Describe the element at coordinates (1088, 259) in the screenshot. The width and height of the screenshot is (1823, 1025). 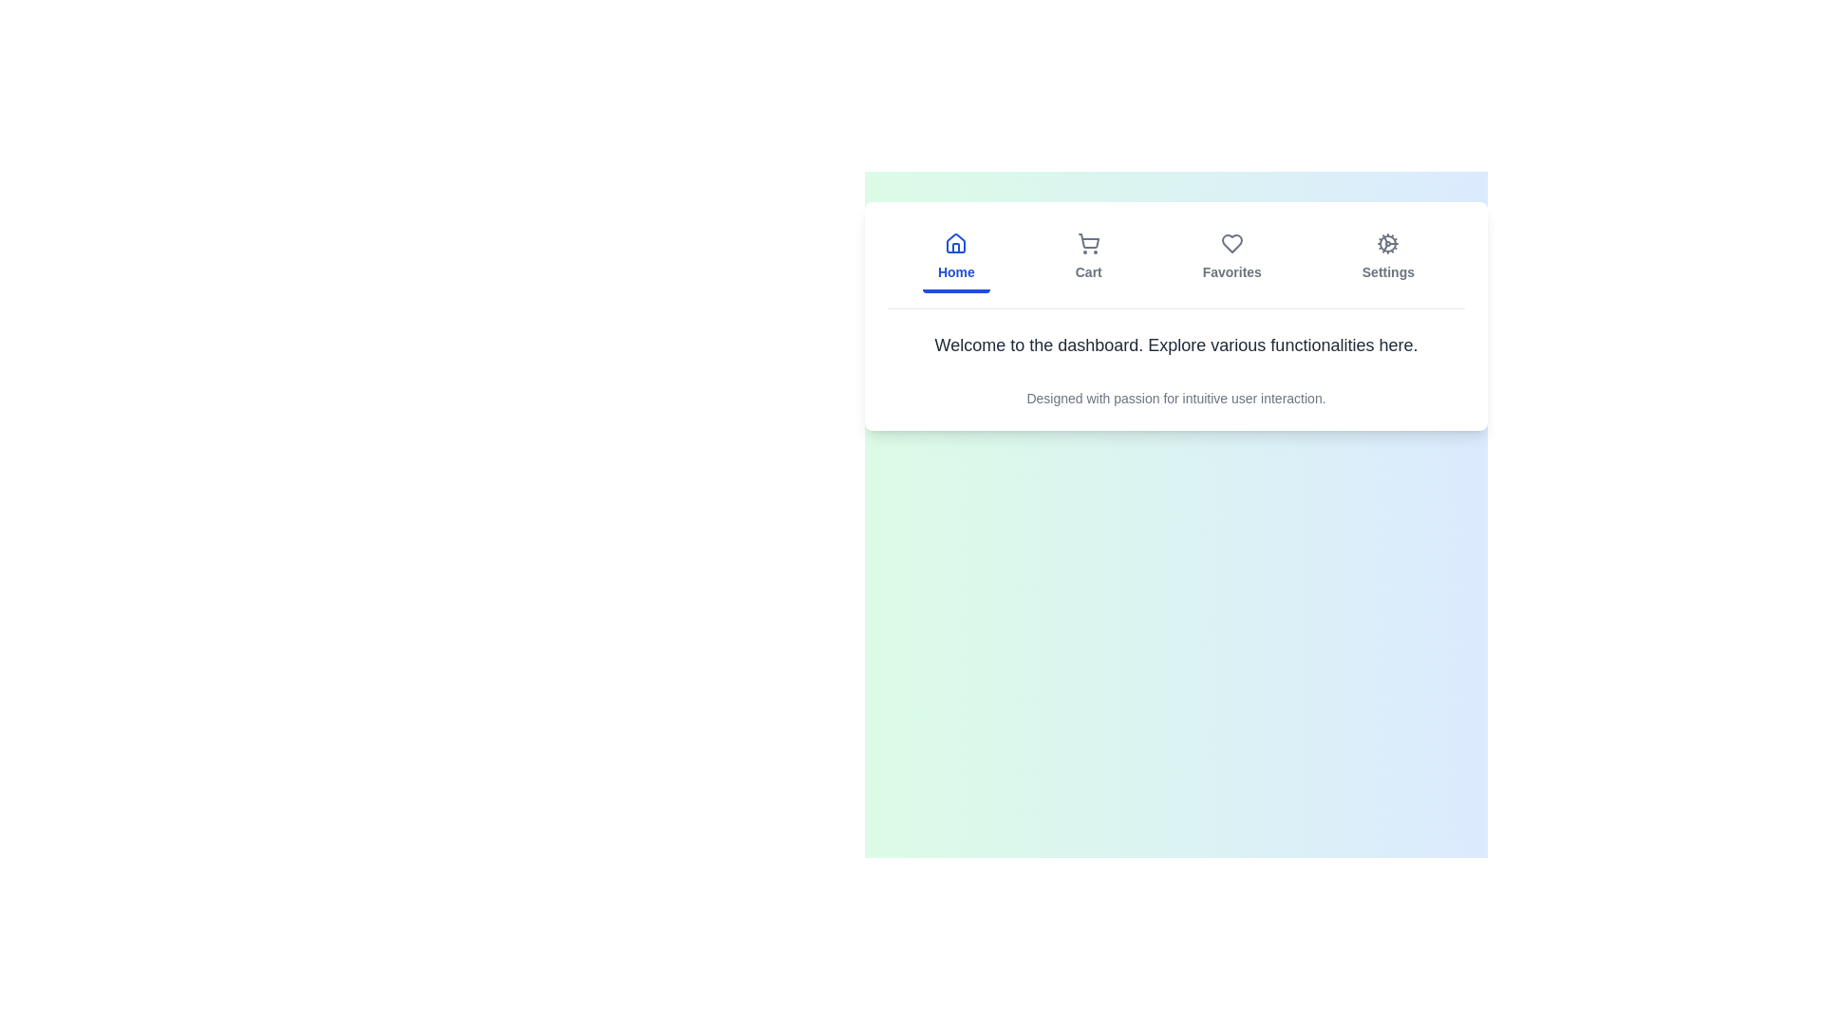
I see `the 'Cart' button, which features a shopping cart icon and is located in the navigation bar, second from the left, between 'Home' and 'Favorites'` at that location.